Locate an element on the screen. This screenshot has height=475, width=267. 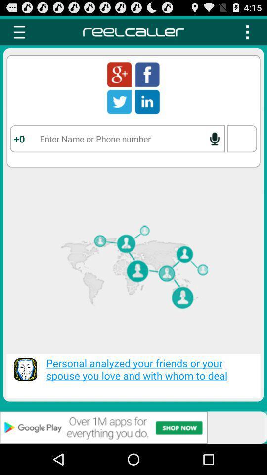
click more options is located at coordinates (247, 32).